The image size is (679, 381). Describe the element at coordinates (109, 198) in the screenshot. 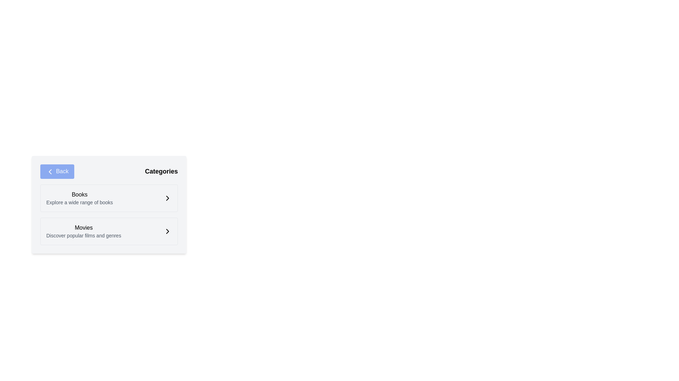

I see `the first Category List Item labeled 'Books'` at that location.